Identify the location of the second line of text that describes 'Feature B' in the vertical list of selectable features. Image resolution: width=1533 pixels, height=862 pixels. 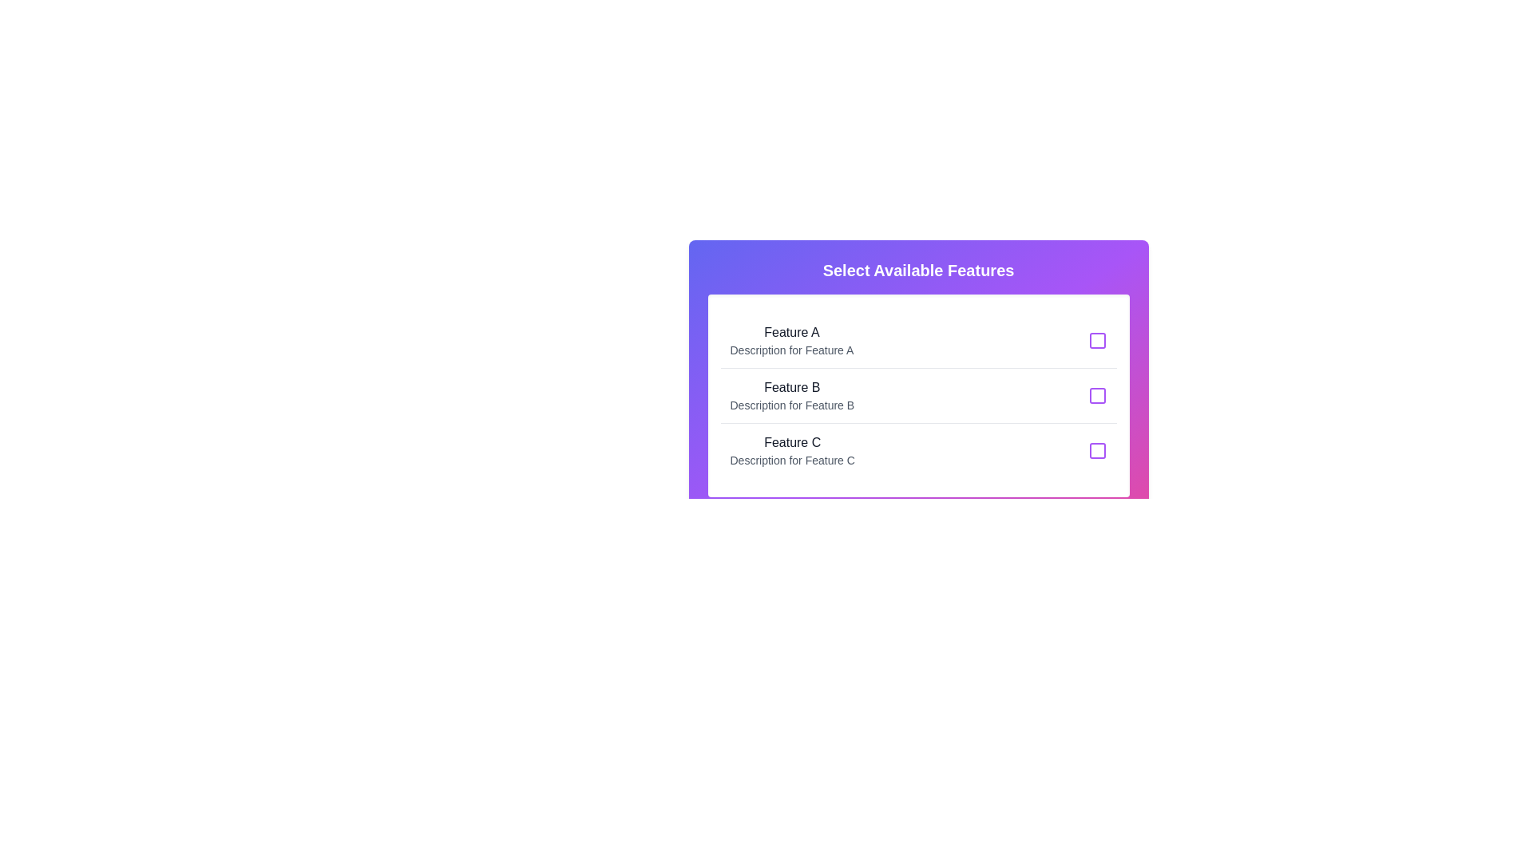
(792, 405).